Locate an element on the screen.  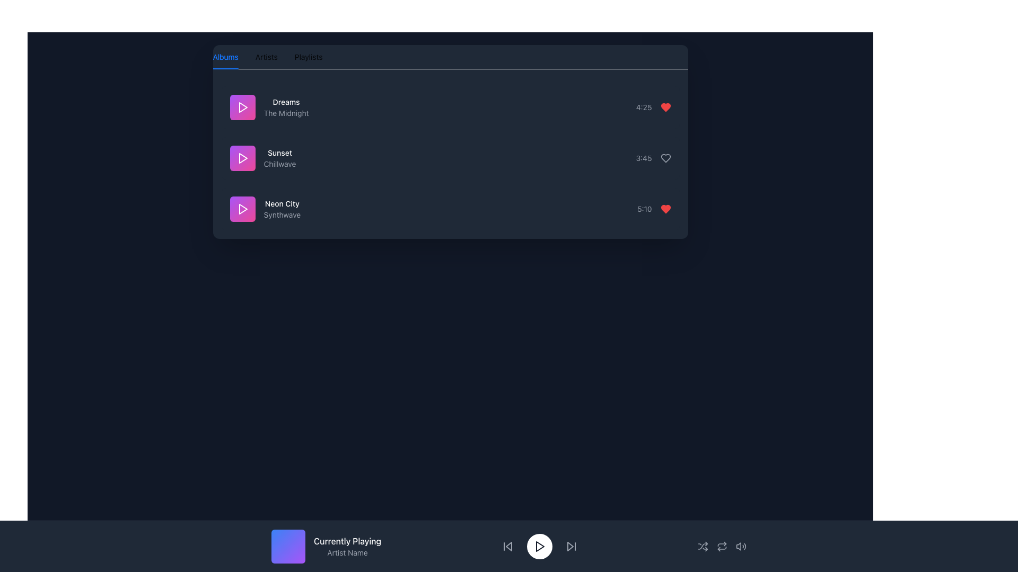
the text element that displays the duration of a media item, located at the bottom-most item in a vertical list, to the right of a red heart icon is located at coordinates (653, 209).